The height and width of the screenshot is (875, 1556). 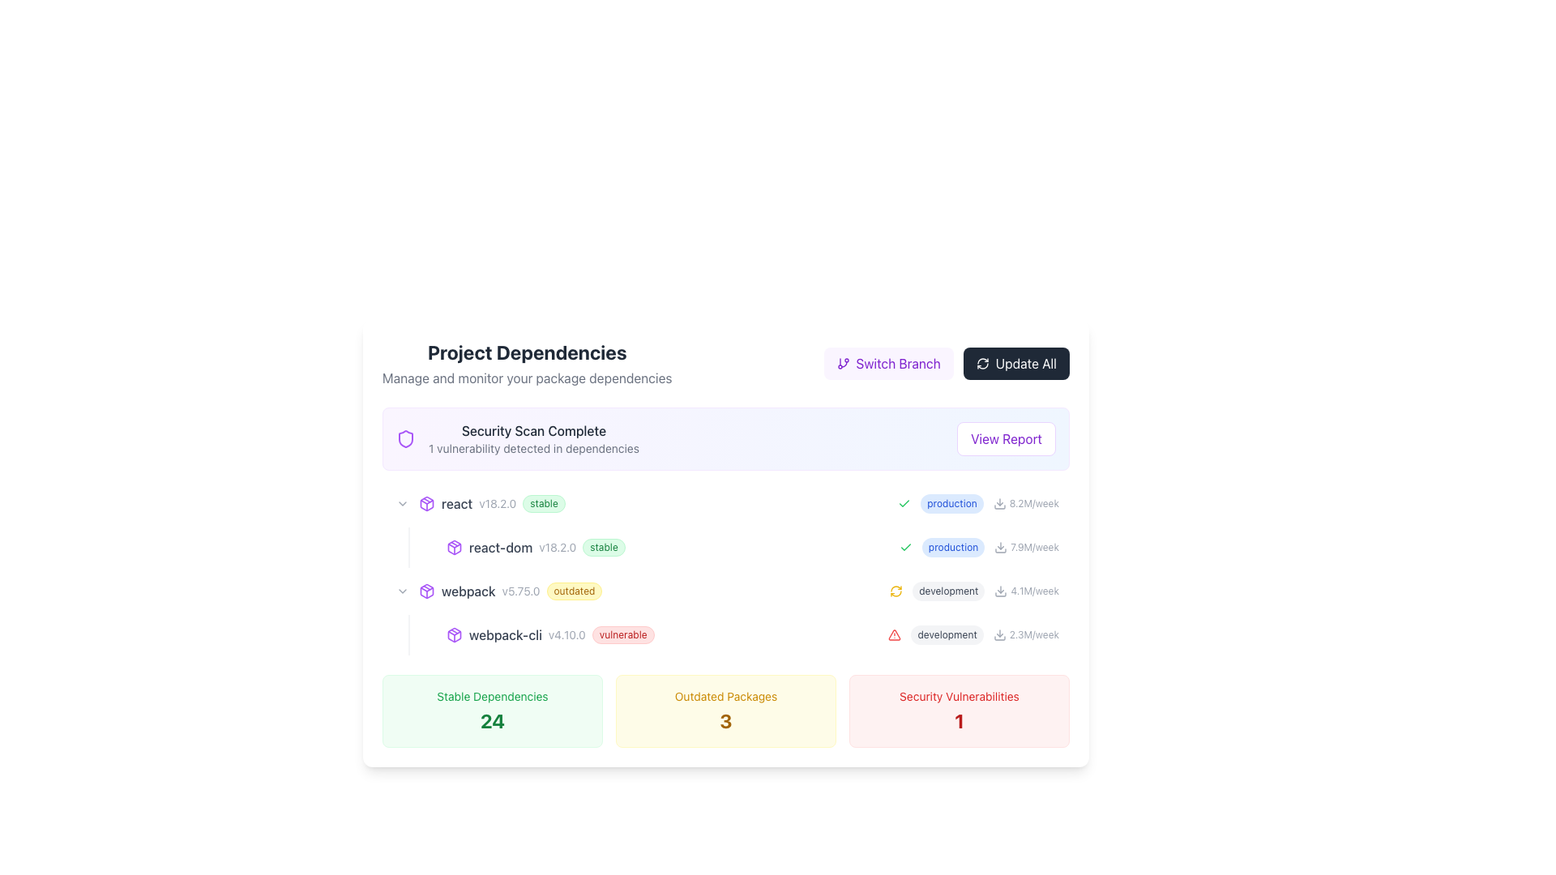 I want to click on the Textual description section that provides a title and subtitle for the content, located in the top-left section of the interface, above the summarized status section, and adjacent to the 'Switch Branch' and 'Update All' buttons, so click(x=527, y=362).